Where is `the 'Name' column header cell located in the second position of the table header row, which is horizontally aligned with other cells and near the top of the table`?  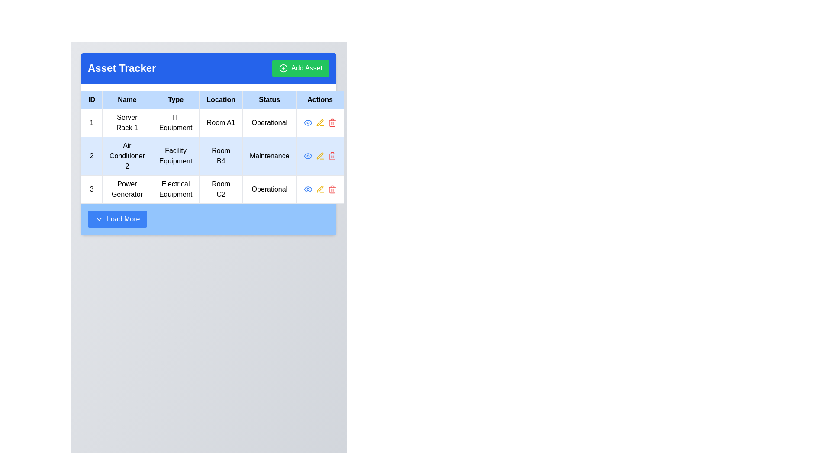
the 'Name' column header cell located in the second position of the table header row, which is horizontally aligned with other cells and near the top of the table is located at coordinates (126, 99).